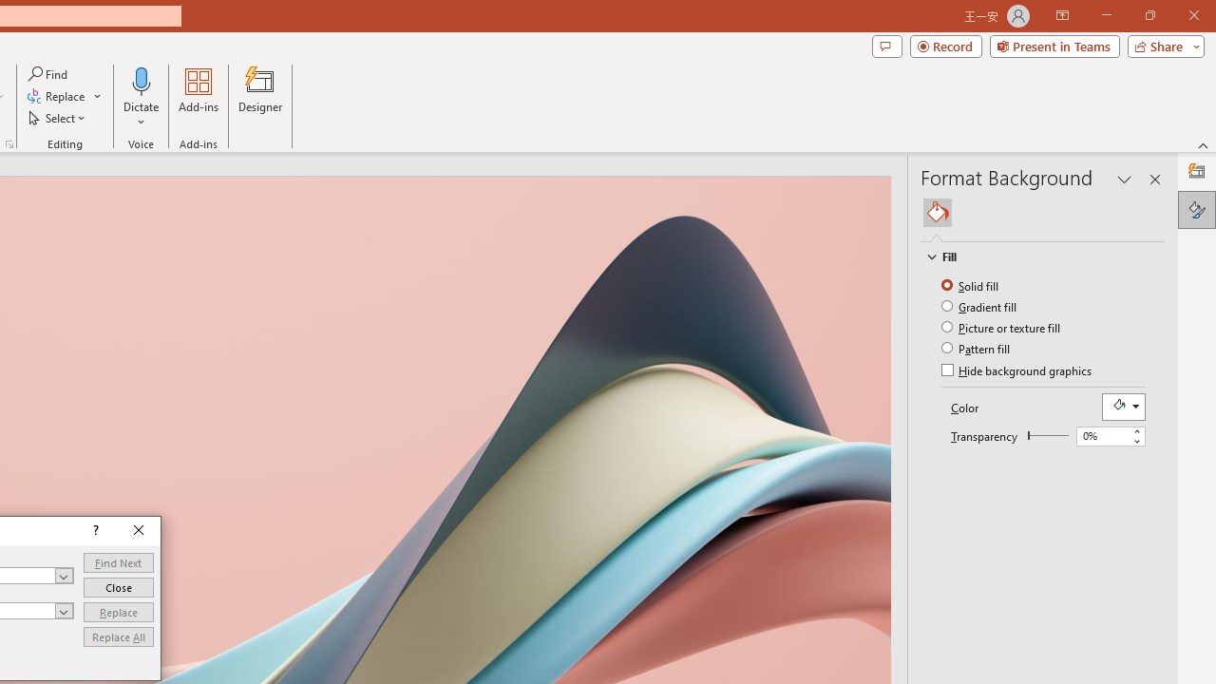  Describe the element at coordinates (971, 285) in the screenshot. I see `'Solid fill'` at that location.